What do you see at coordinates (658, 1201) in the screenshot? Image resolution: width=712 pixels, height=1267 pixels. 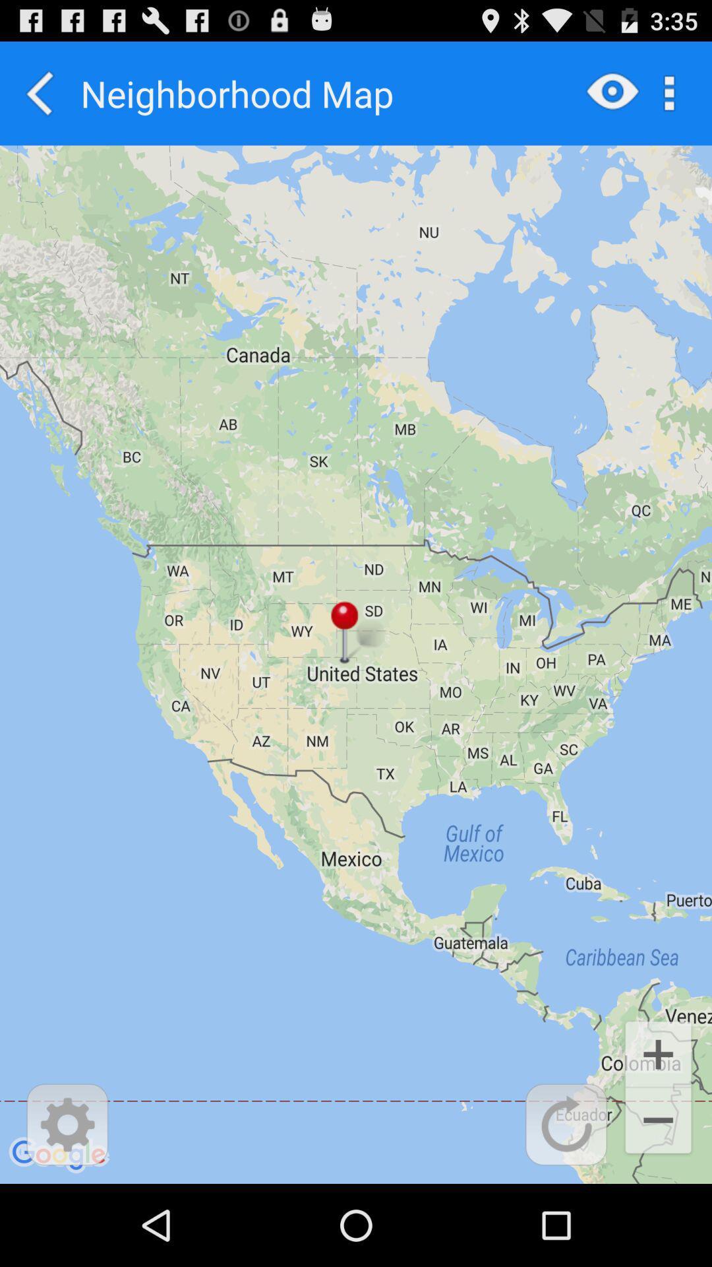 I see `the minus icon` at bounding box center [658, 1201].